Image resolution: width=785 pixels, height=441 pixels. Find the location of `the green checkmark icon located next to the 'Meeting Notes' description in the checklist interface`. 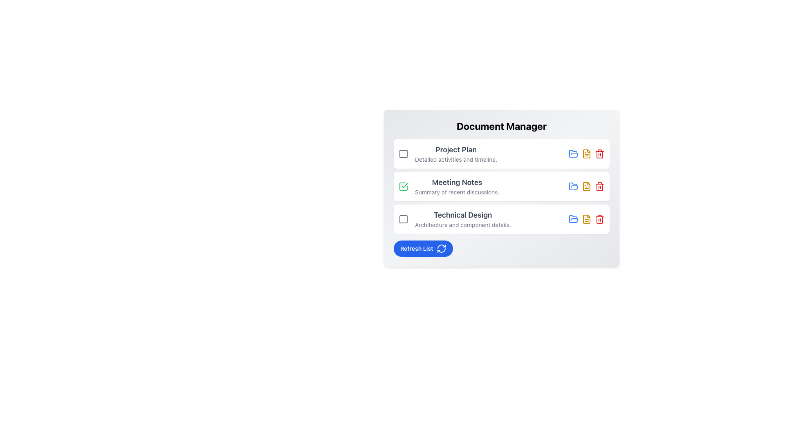

the green checkmark icon located next to the 'Meeting Notes' description in the checklist interface is located at coordinates (405, 185).